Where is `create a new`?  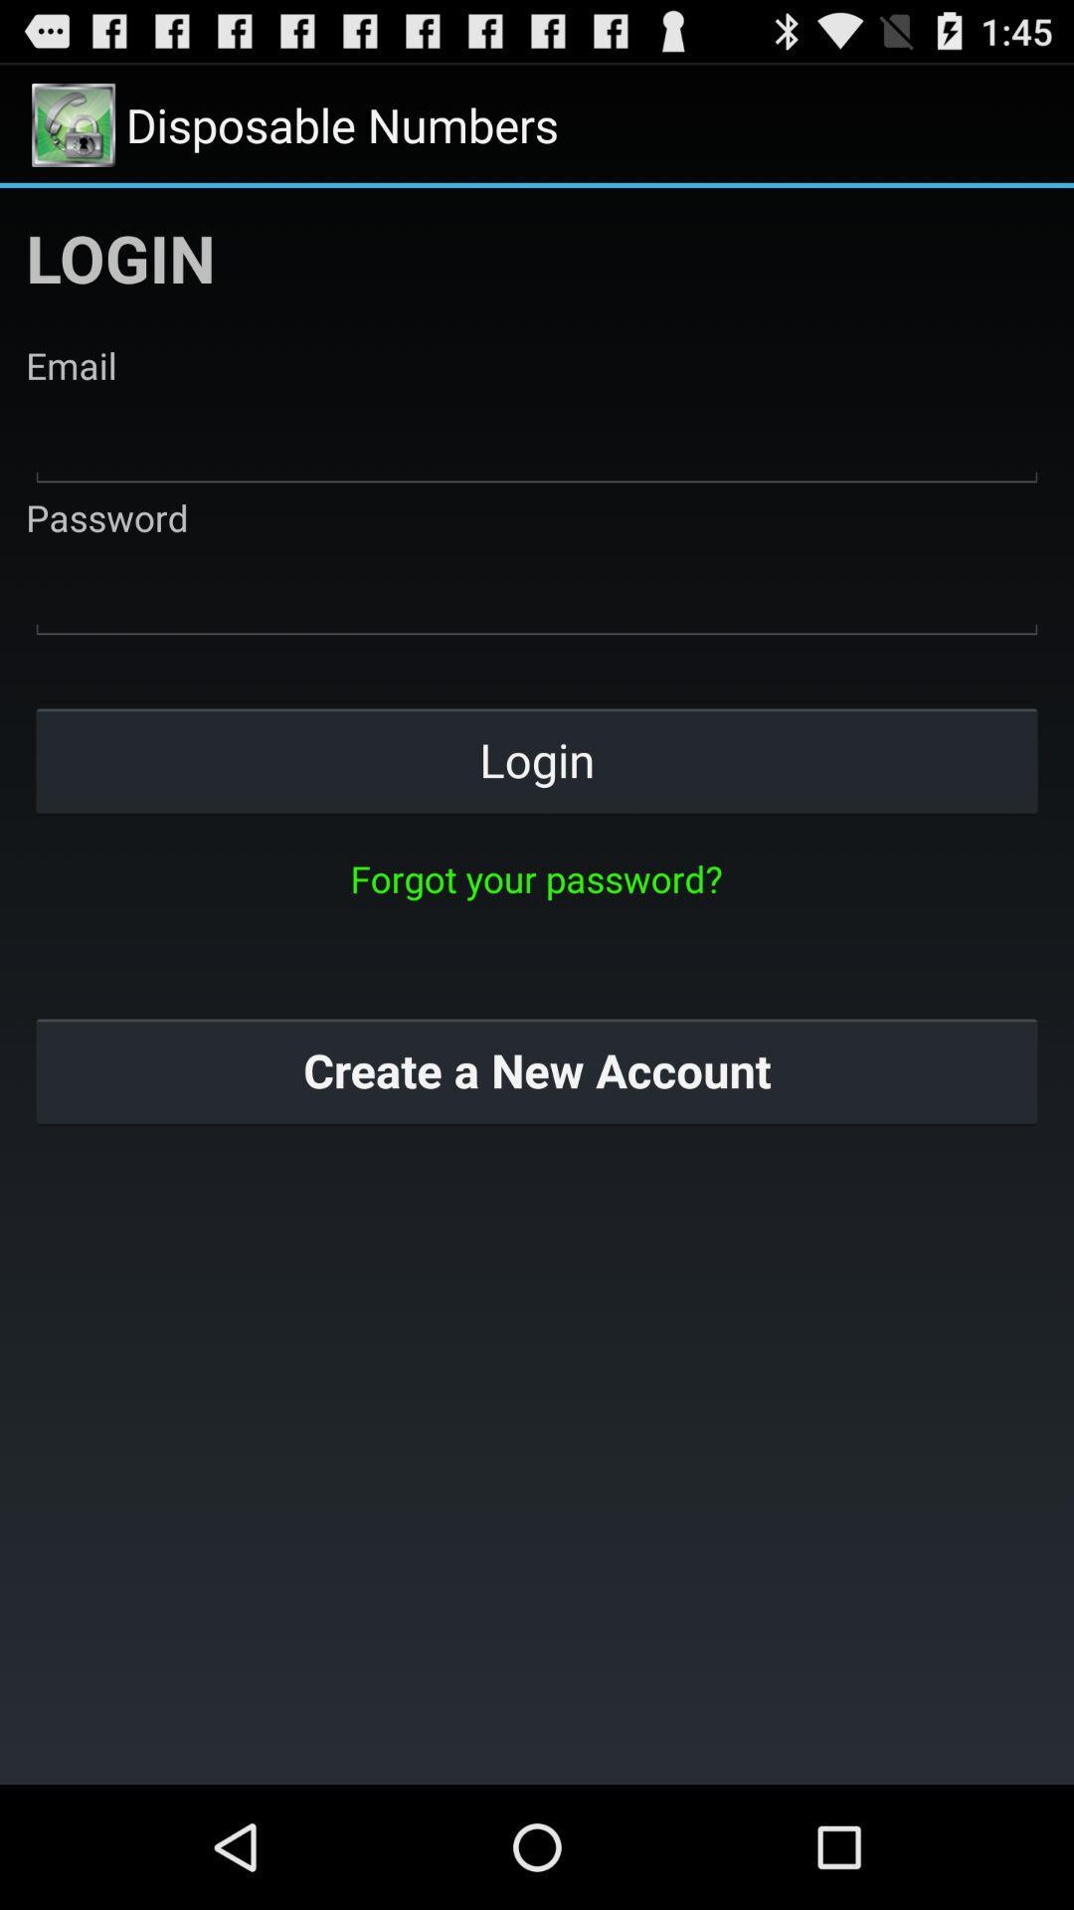 create a new is located at coordinates (537, 1069).